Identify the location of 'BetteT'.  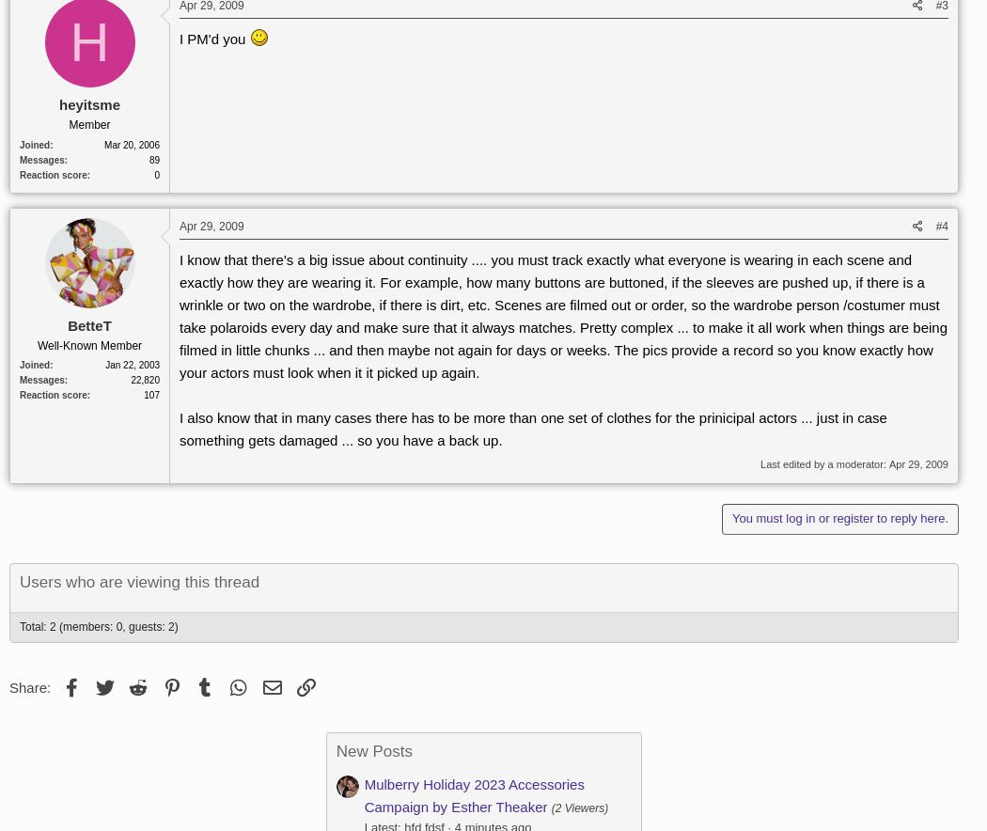
(89, 324).